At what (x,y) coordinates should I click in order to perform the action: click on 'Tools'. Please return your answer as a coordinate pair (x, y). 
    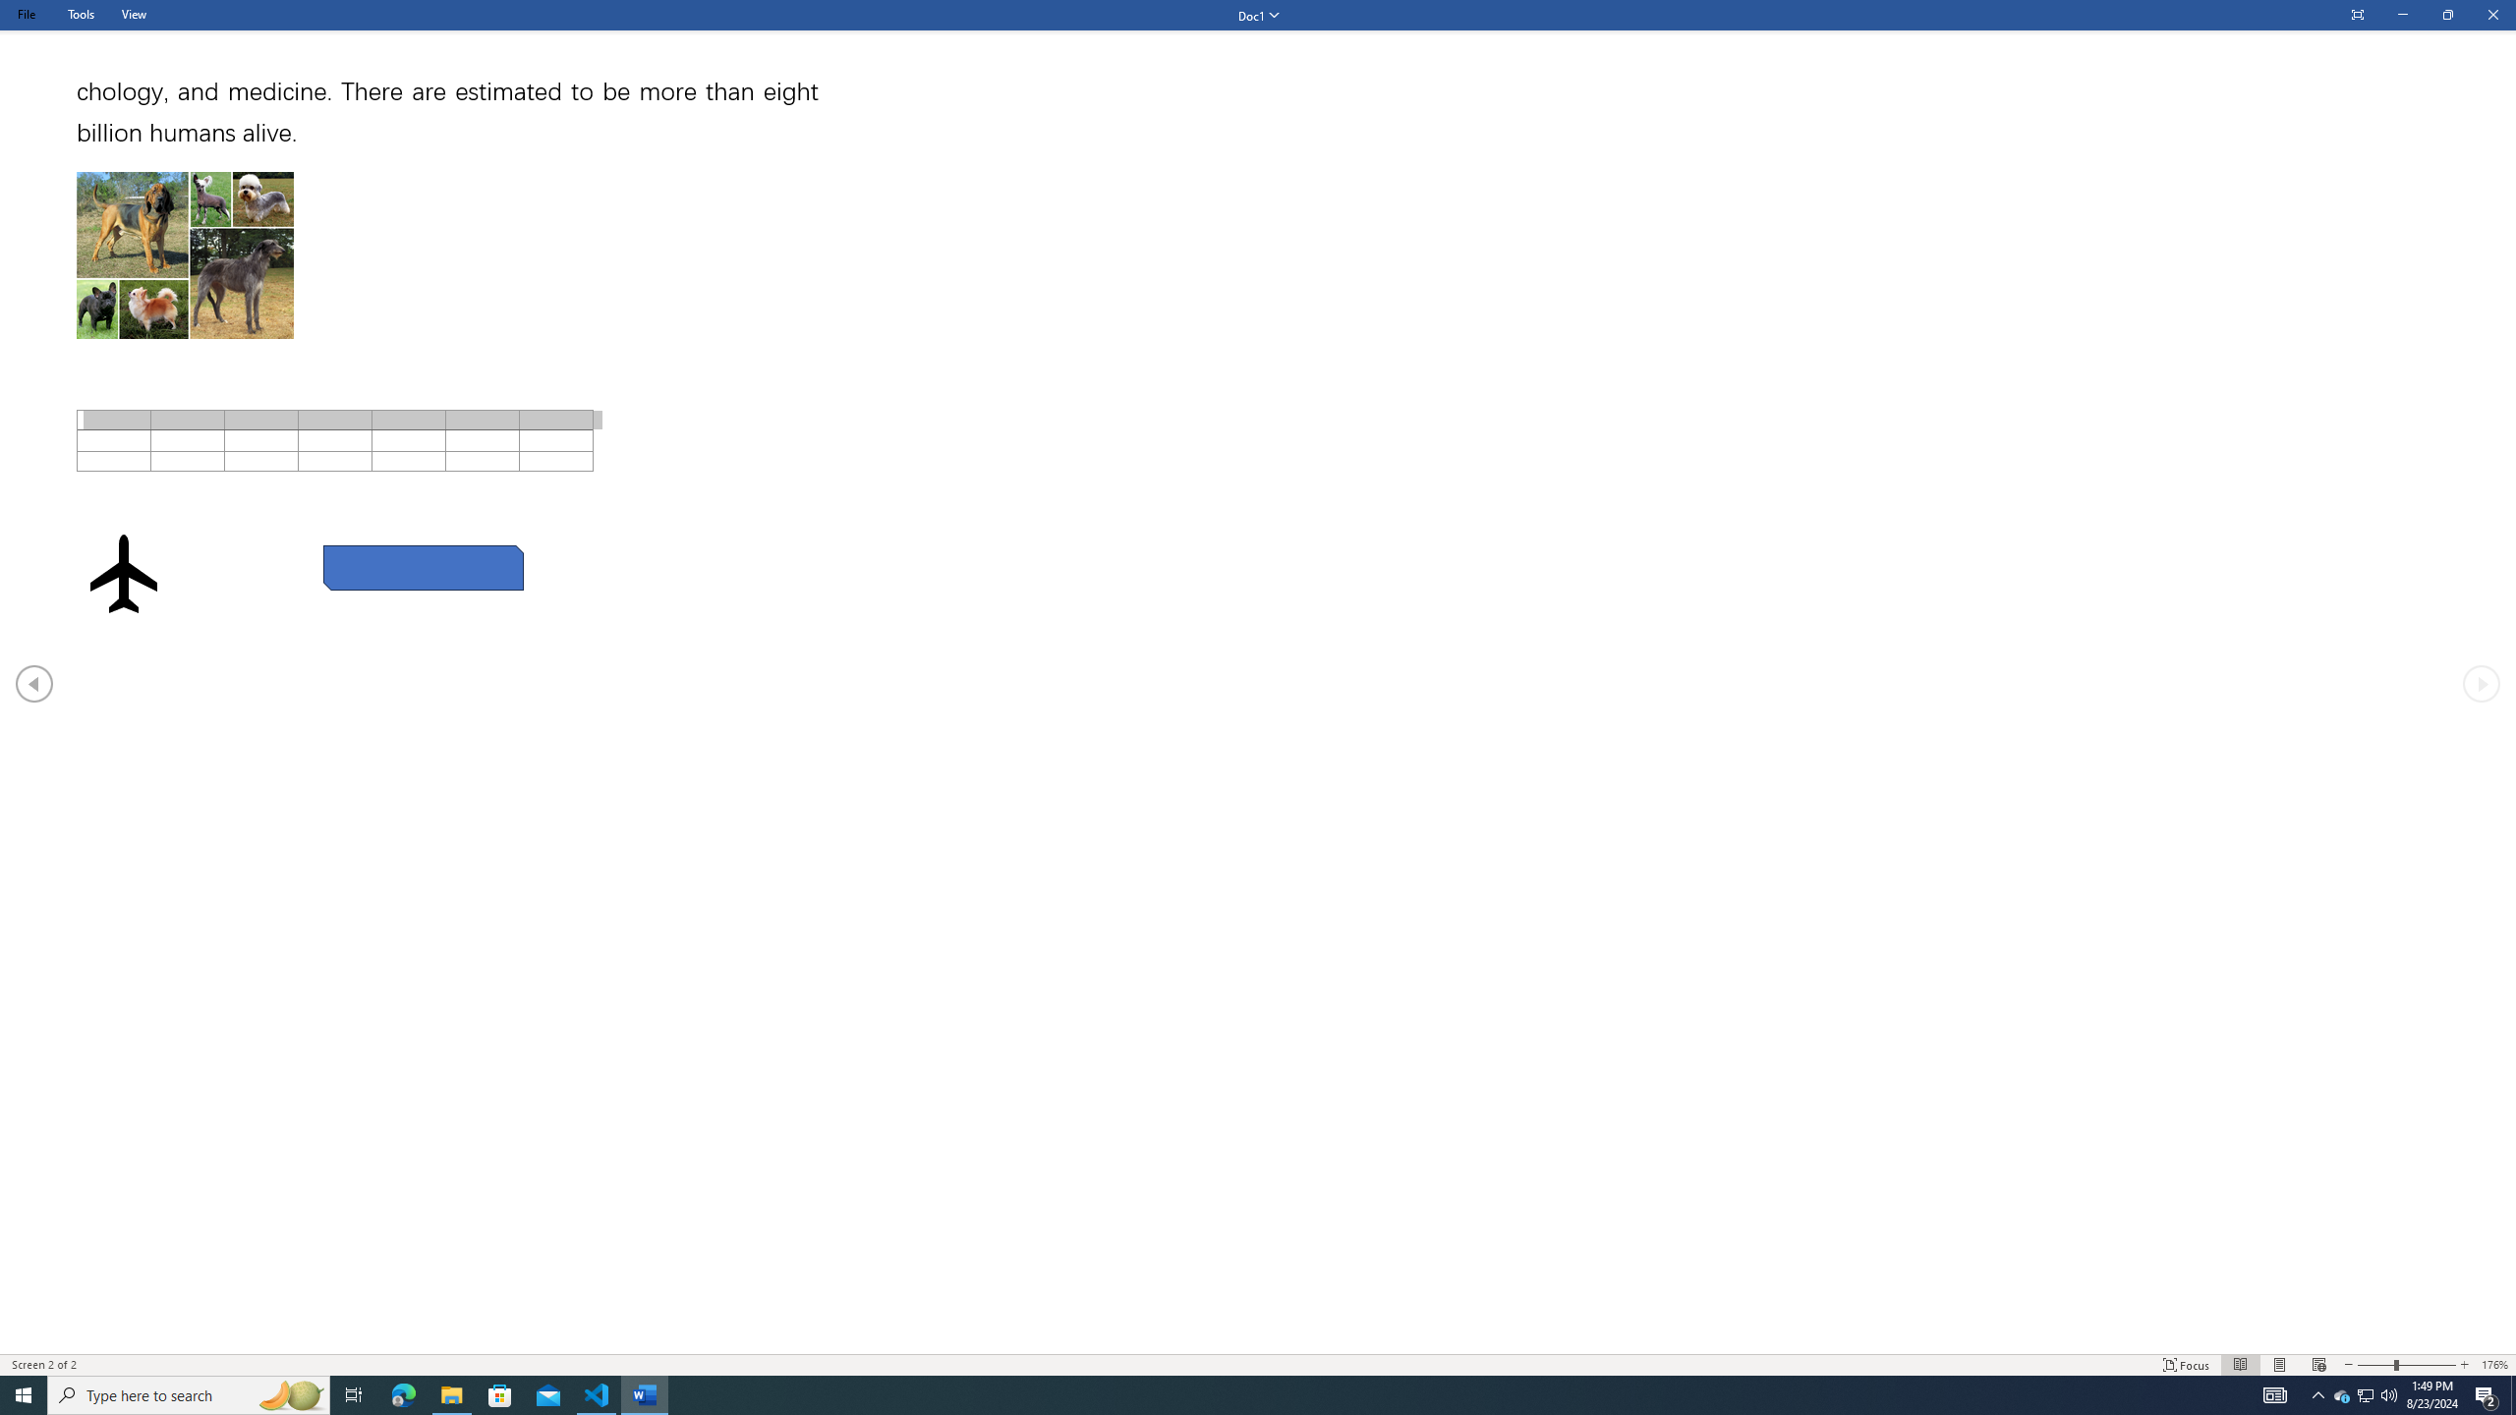
    Looking at the image, I should click on (80, 14).